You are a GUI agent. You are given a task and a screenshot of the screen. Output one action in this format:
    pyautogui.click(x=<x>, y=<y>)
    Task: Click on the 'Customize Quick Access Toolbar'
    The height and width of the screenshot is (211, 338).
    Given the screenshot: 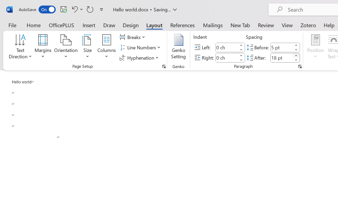 What is the action you would take?
    pyautogui.click(x=101, y=9)
    